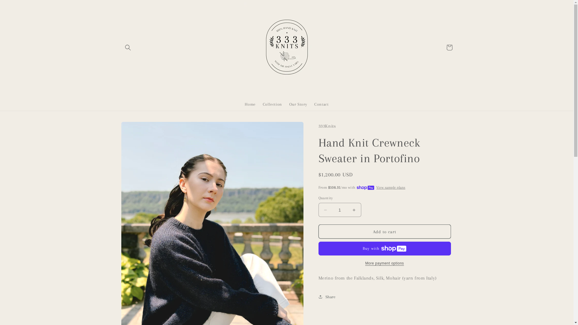  What do you see at coordinates (449, 47) in the screenshot?
I see `'Cart'` at bounding box center [449, 47].